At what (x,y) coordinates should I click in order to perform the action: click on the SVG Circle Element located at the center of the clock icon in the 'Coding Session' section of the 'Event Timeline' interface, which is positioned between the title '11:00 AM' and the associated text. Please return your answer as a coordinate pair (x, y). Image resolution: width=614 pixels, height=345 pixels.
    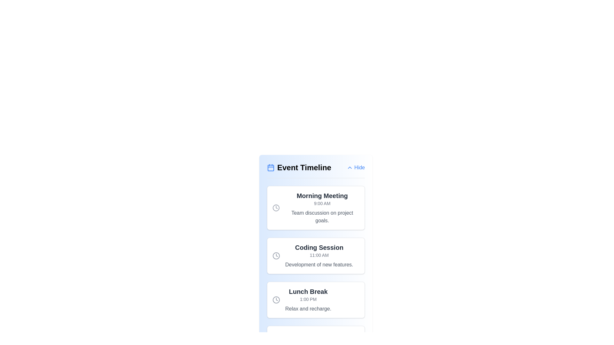
    Looking at the image, I should click on (276, 256).